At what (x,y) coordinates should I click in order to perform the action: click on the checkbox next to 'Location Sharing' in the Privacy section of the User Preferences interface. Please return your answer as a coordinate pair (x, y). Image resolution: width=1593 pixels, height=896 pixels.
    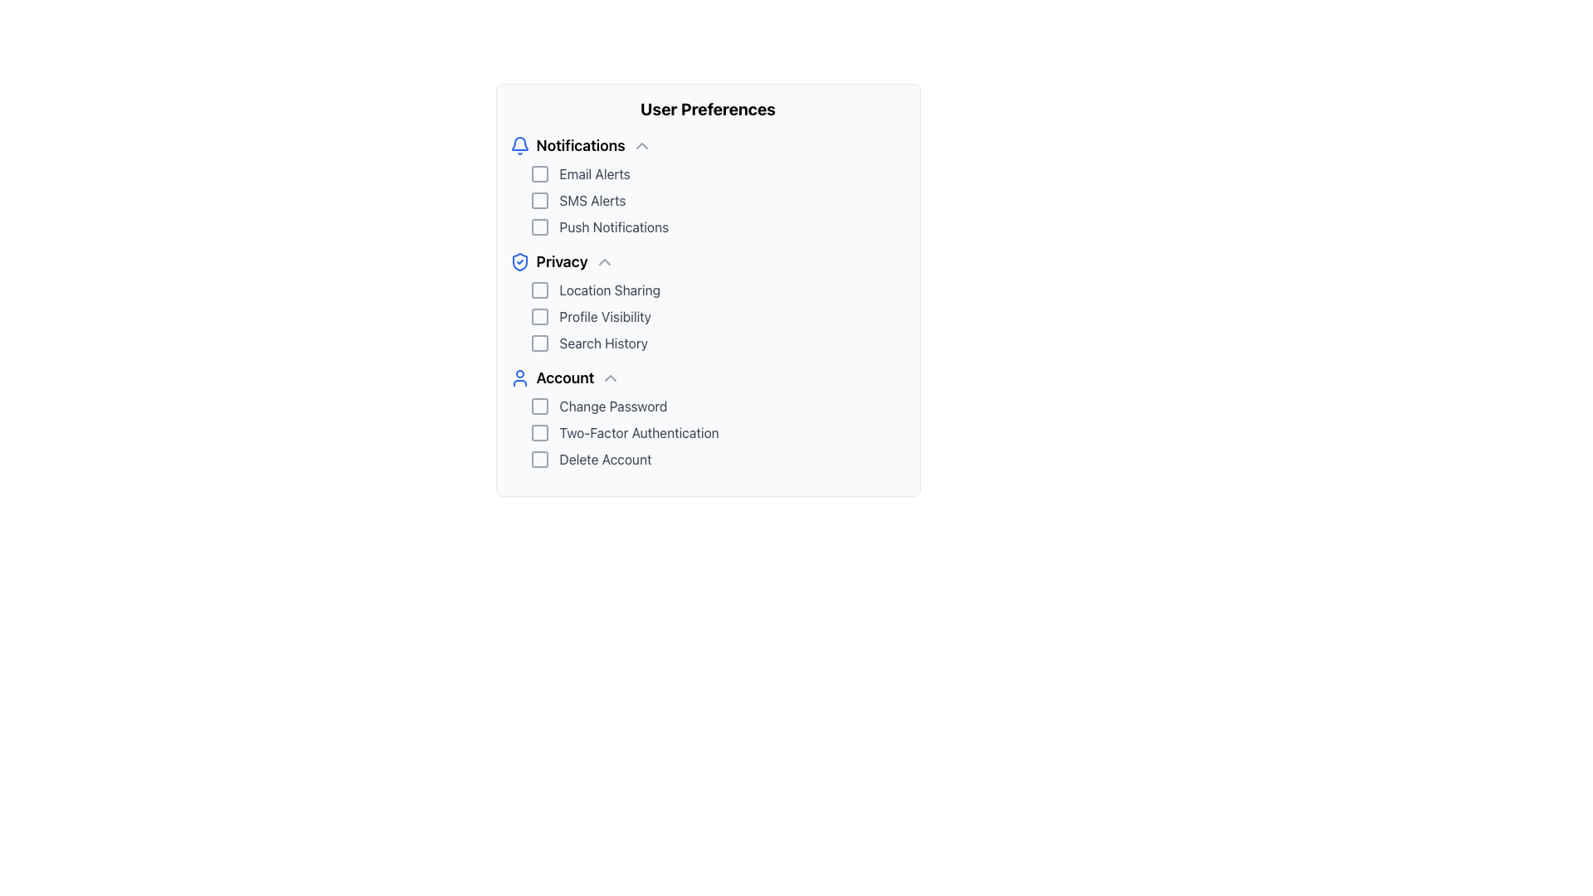
    Looking at the image, I should click on (539, 290).